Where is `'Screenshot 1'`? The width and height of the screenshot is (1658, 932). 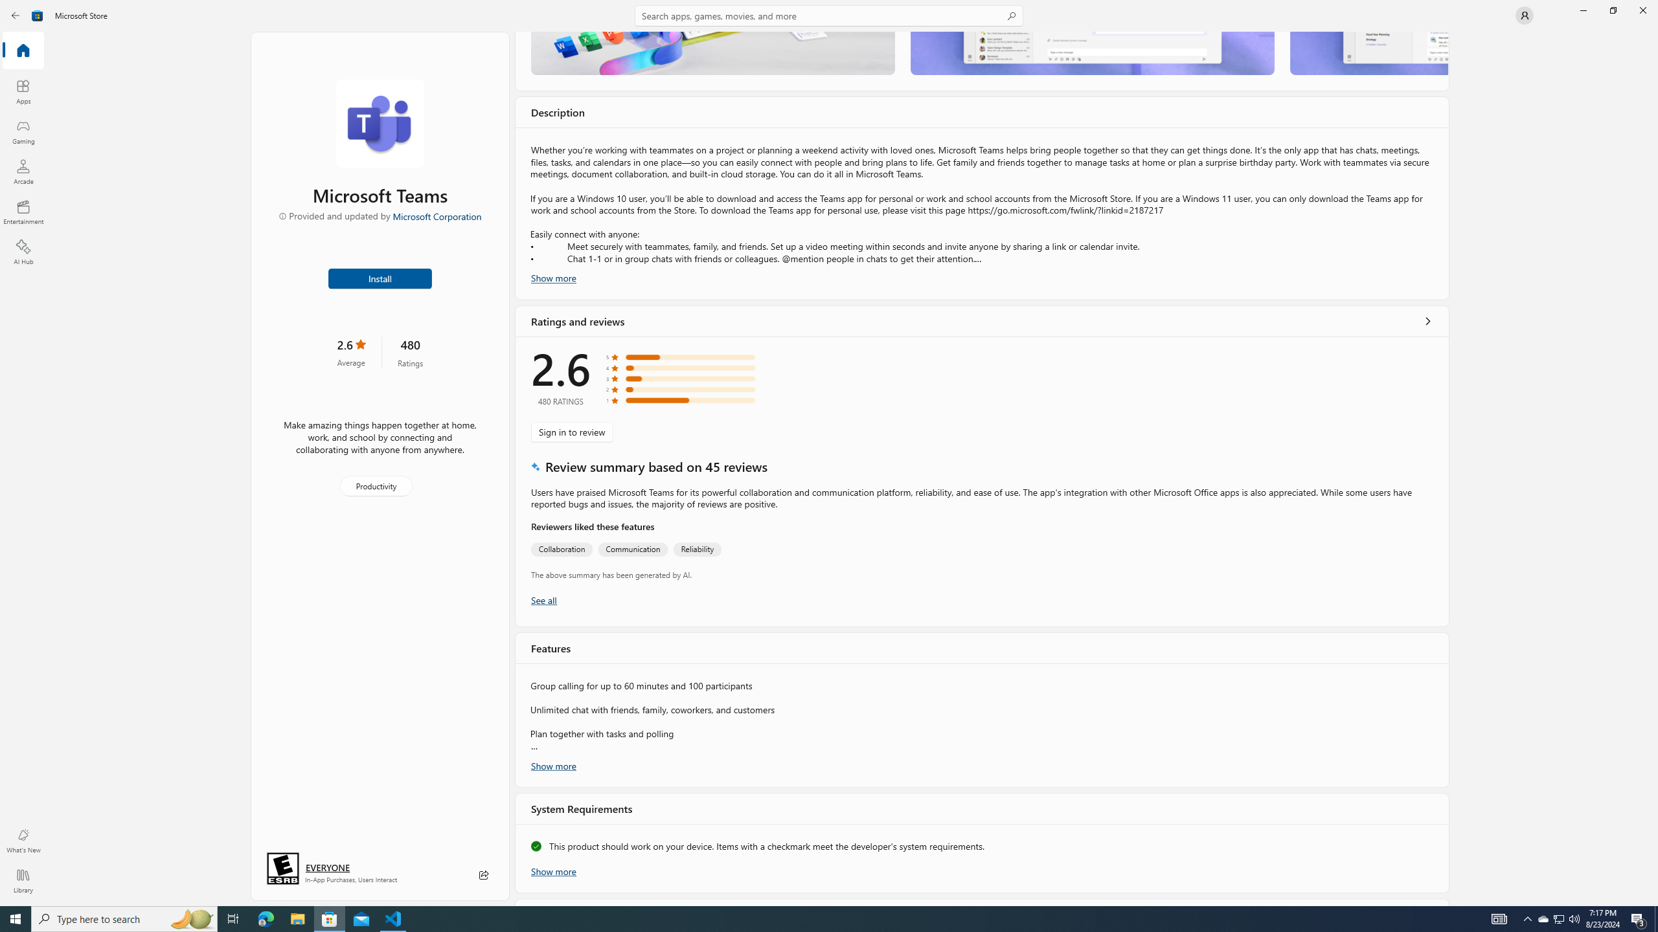
'Screenshot 1' is located at coordinates (712, 52).